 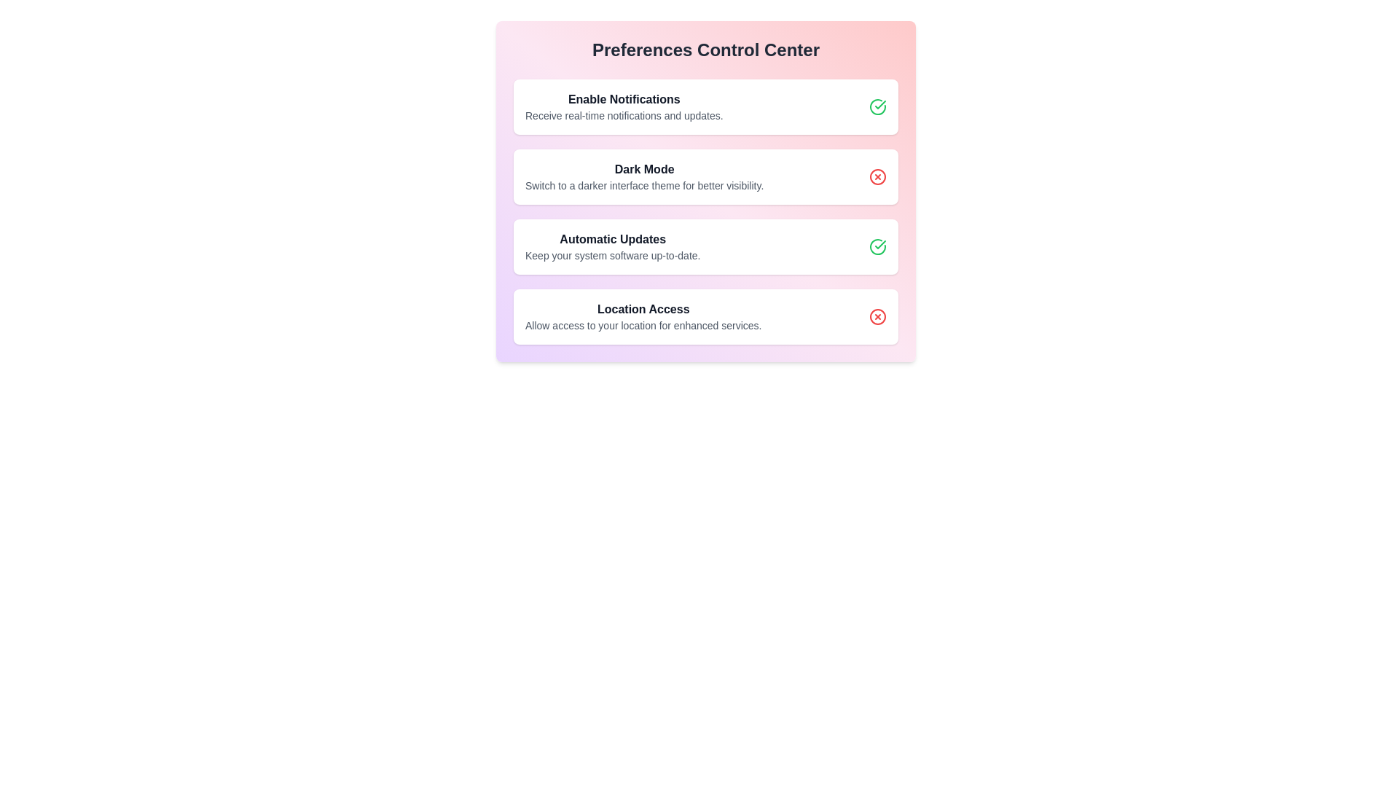 I want to click on the Text label that indicates the option to enable dark mode, which is positioned below the 'Enable Notifications' section and precedes 'Automatic Updates', so click(x=643, y=168).